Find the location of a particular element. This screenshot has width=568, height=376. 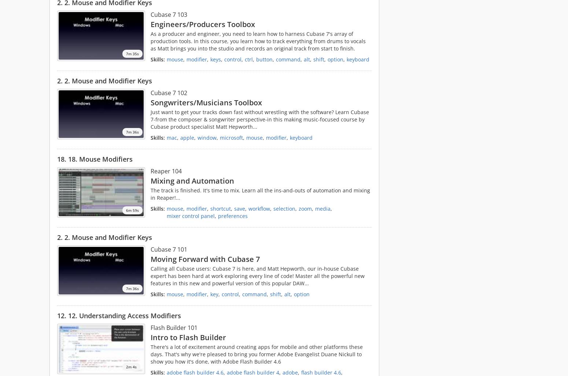

'7m 35s' is located at coordinates (132, 53).